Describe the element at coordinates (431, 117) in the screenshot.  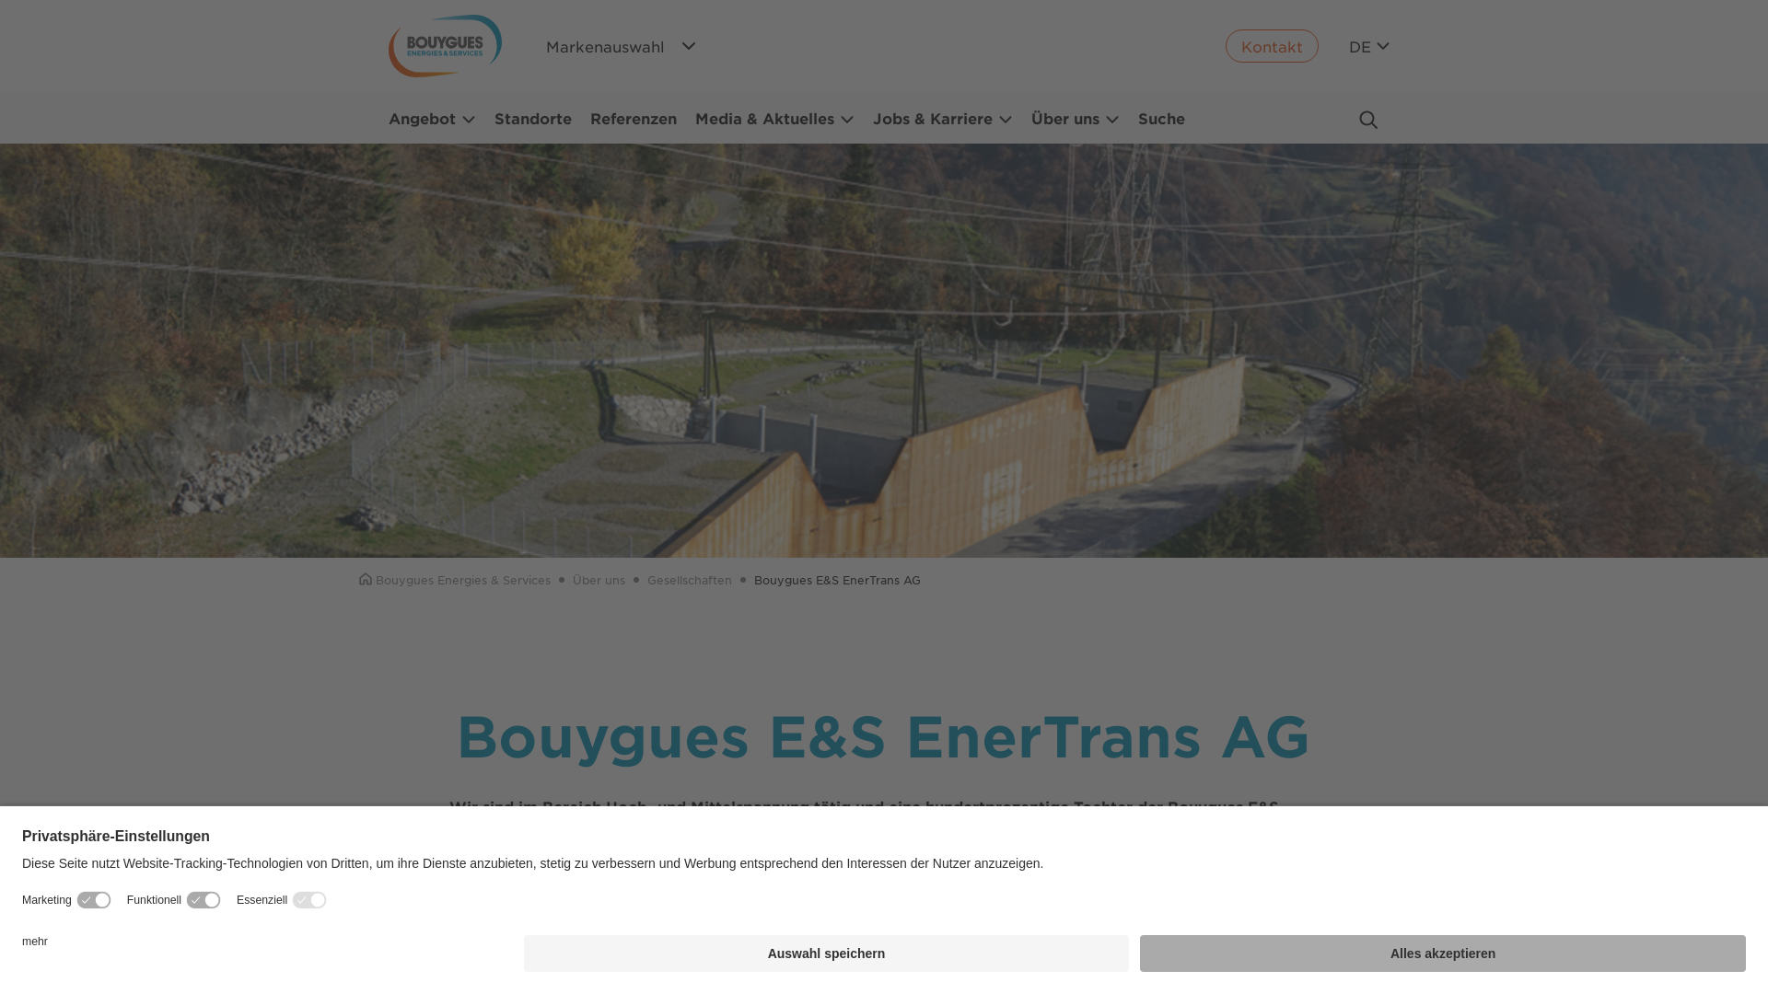
I see `'Angebot'` at that location.